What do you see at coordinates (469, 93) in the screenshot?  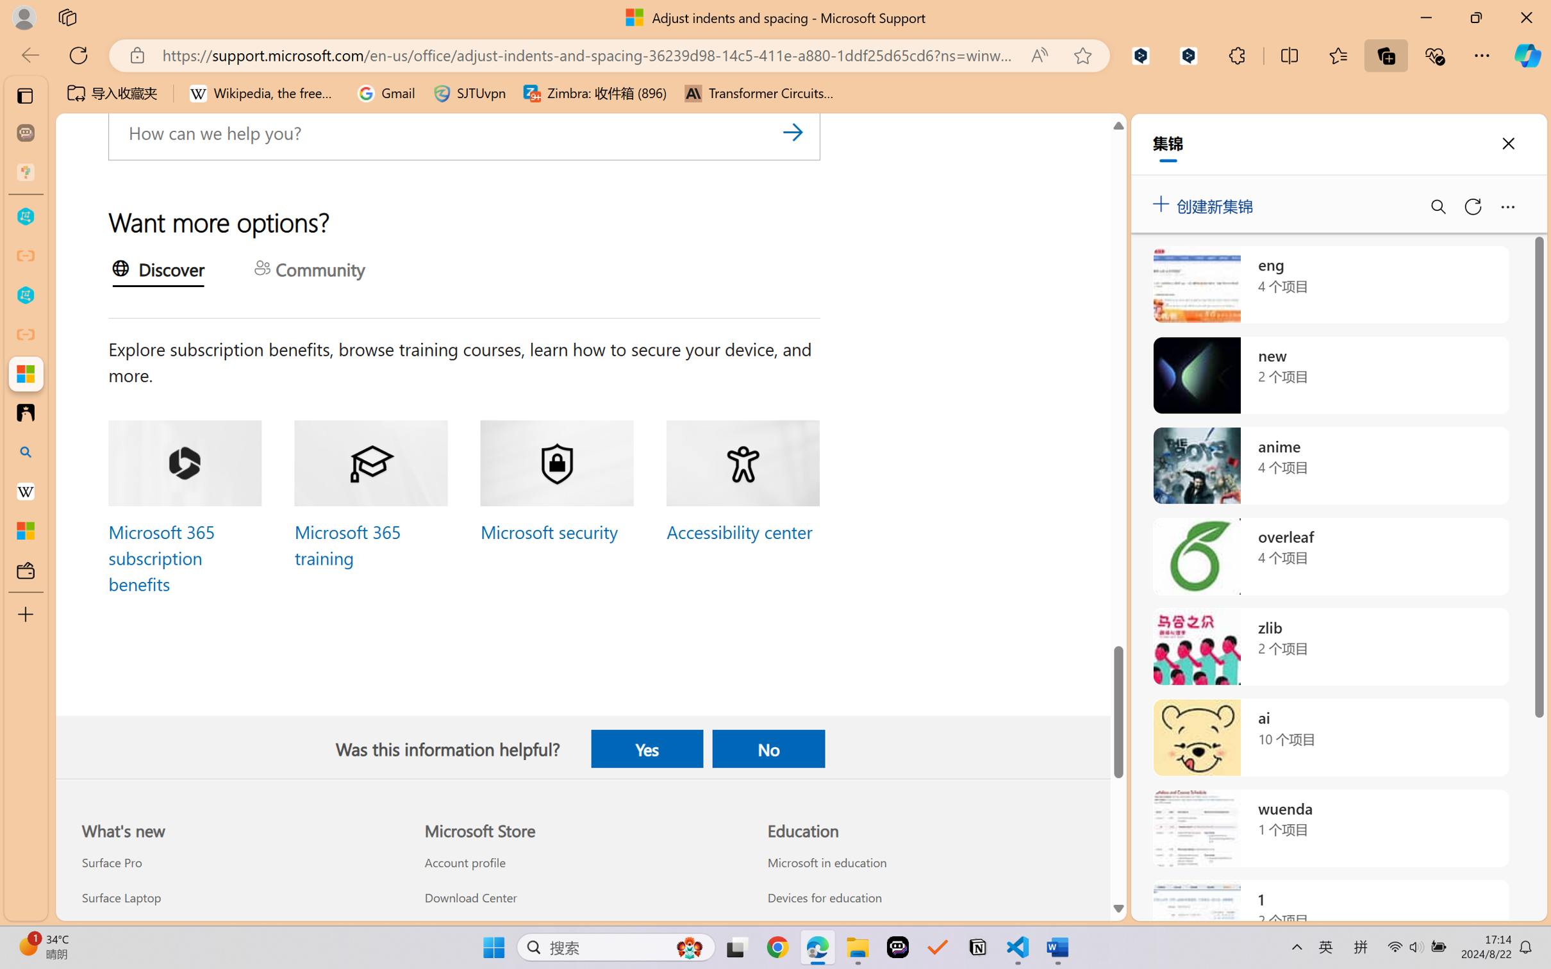 I see `'SJTUvpn'` at bounding box center [469, 93].